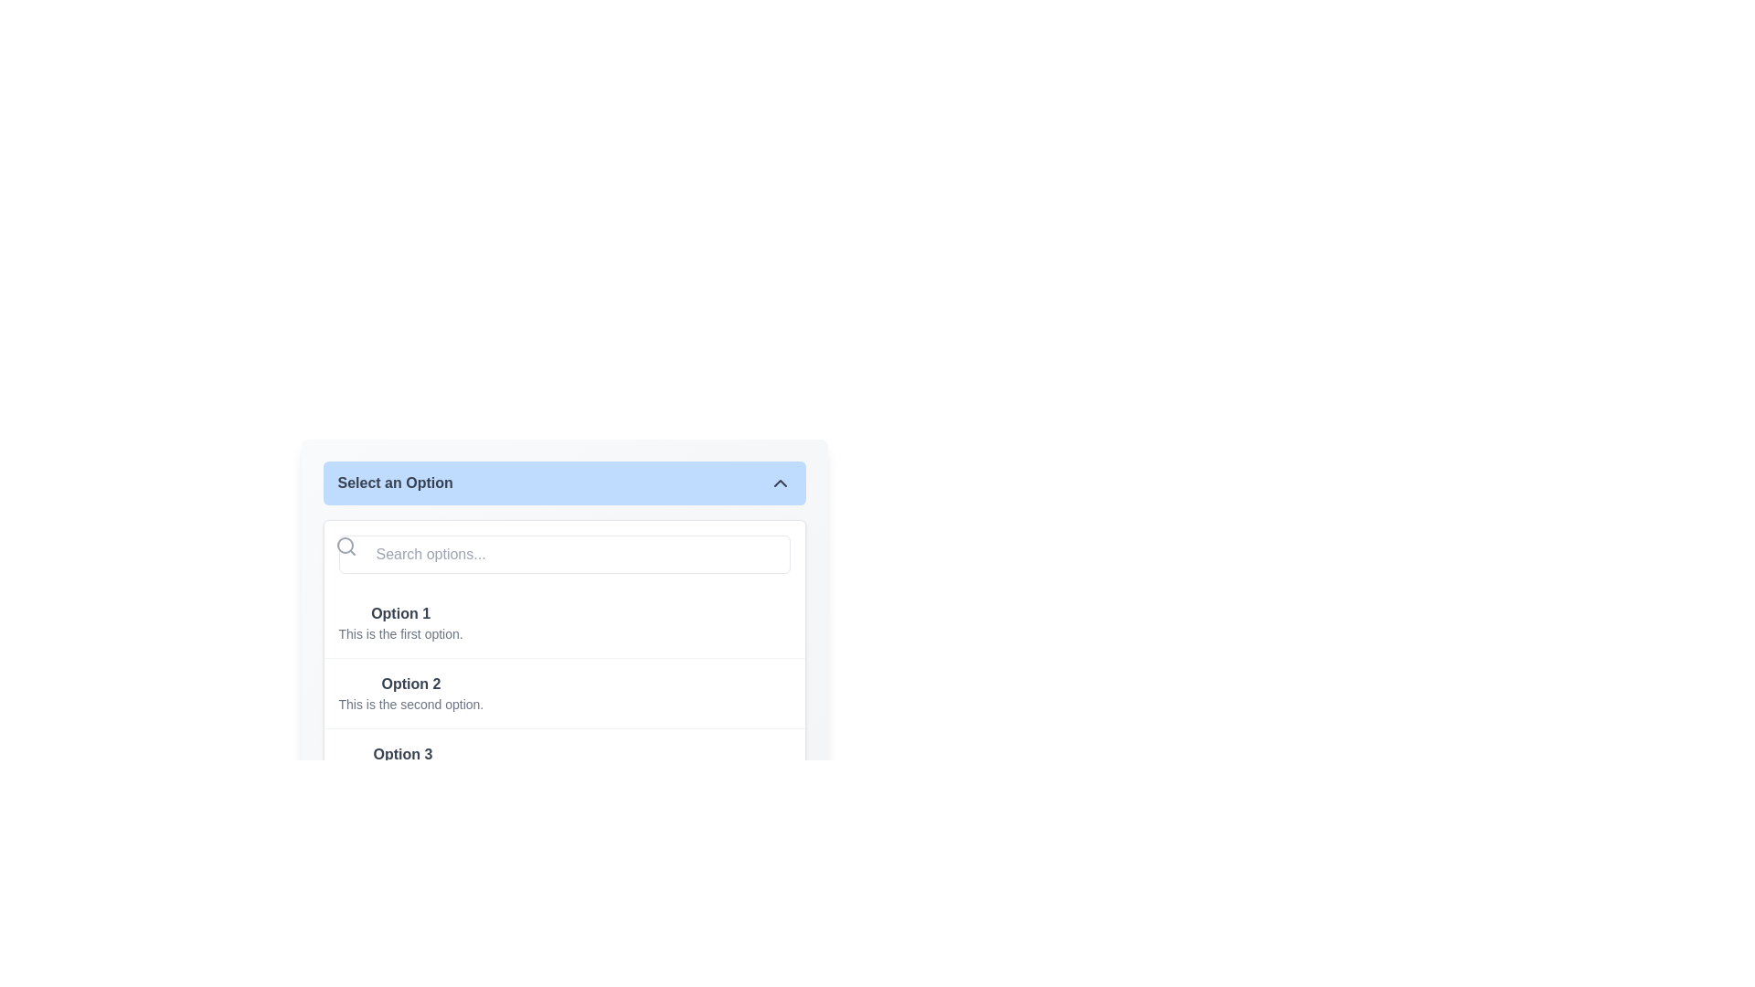 The width and height of the screenshot is (1755, 987). I want to click on the second selectable option labeled 'Option 2', so click(409, 694).